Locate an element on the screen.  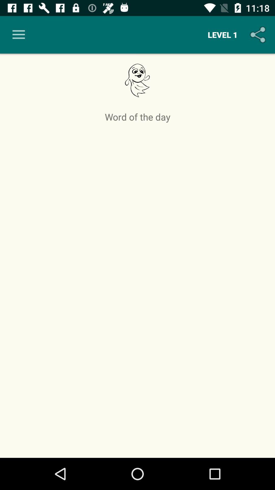
icon to the left of level 1 item is located at coordinates (18, 34).